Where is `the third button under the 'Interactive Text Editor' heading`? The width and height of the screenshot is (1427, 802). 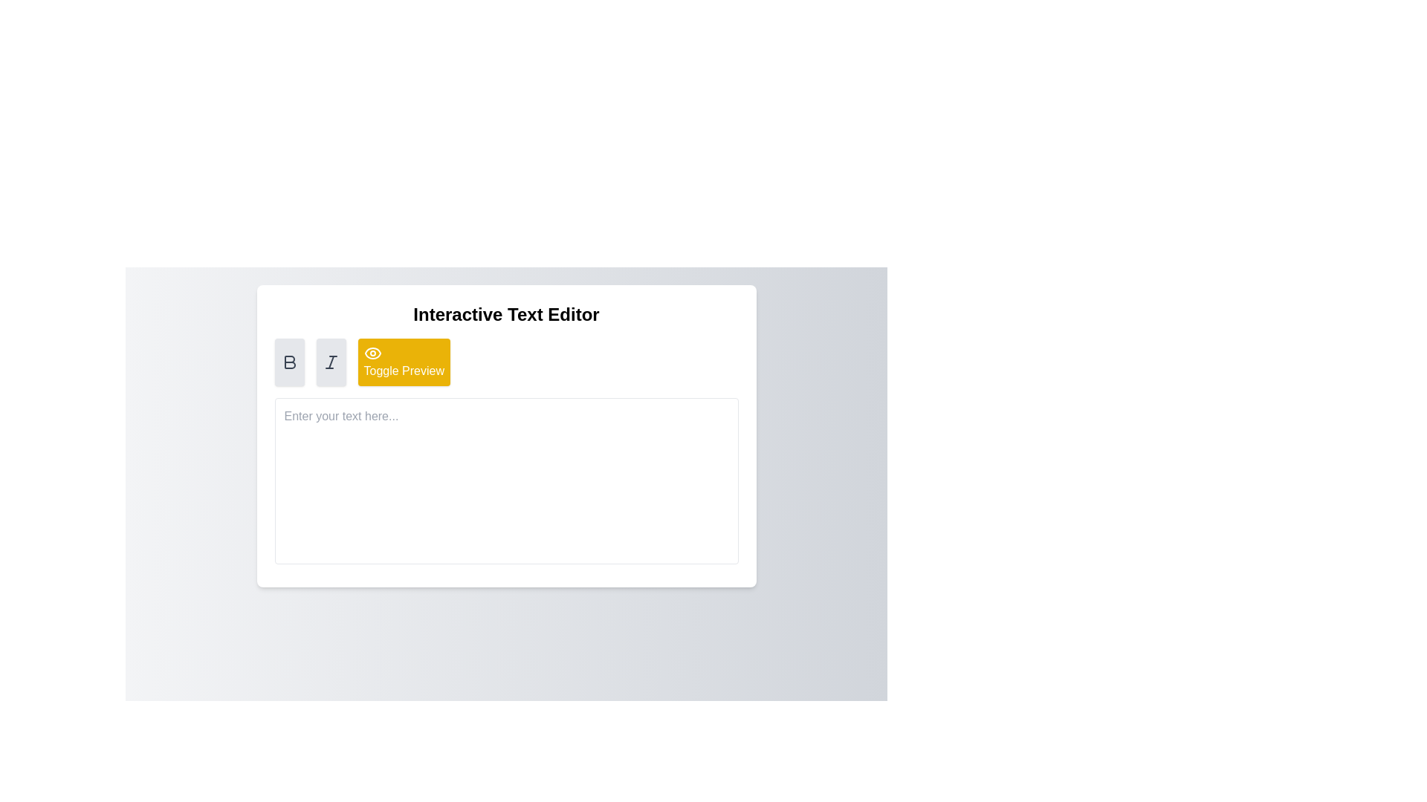
the third button under the 'Interactive Text Editor' heading is located at coordinates (506, 362).